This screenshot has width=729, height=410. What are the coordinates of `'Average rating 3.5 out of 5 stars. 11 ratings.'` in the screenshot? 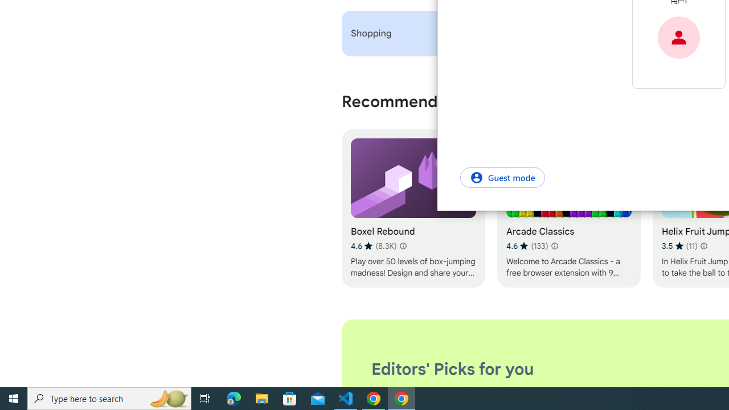 It's located at (679, 245).